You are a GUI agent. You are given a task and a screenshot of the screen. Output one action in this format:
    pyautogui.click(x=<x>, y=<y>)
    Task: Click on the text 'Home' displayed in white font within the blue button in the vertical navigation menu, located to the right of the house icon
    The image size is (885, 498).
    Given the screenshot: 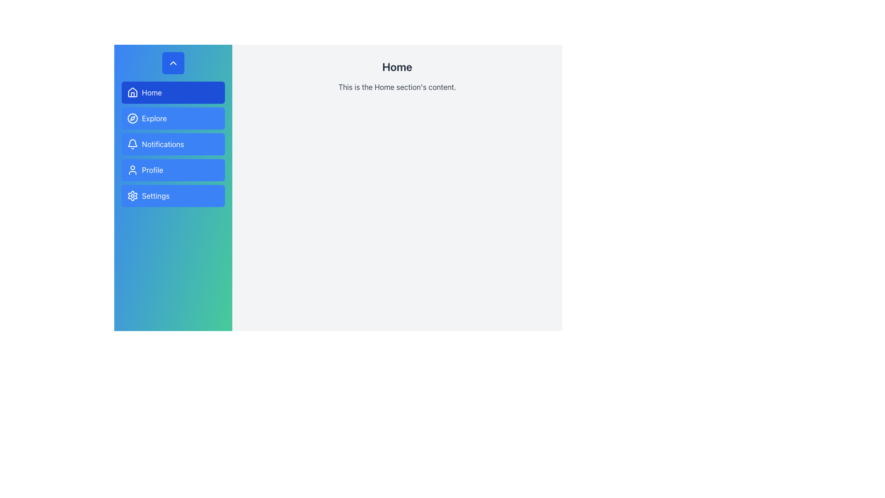 What is the action you would take?
    pyautogui.click(x=152, y=92)
    